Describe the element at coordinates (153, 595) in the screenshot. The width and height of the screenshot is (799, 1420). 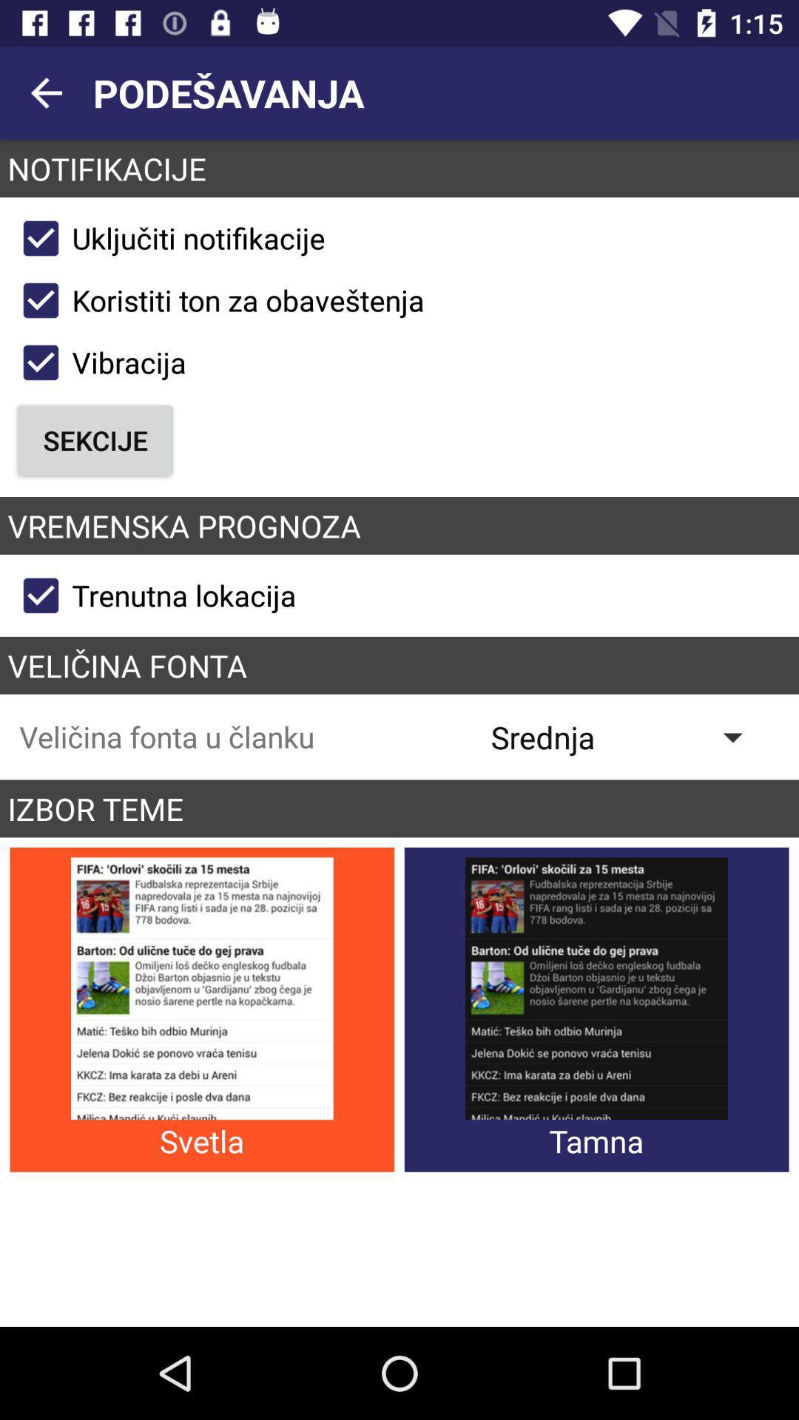
I see `app below the vremenska prognoza item` at that location.